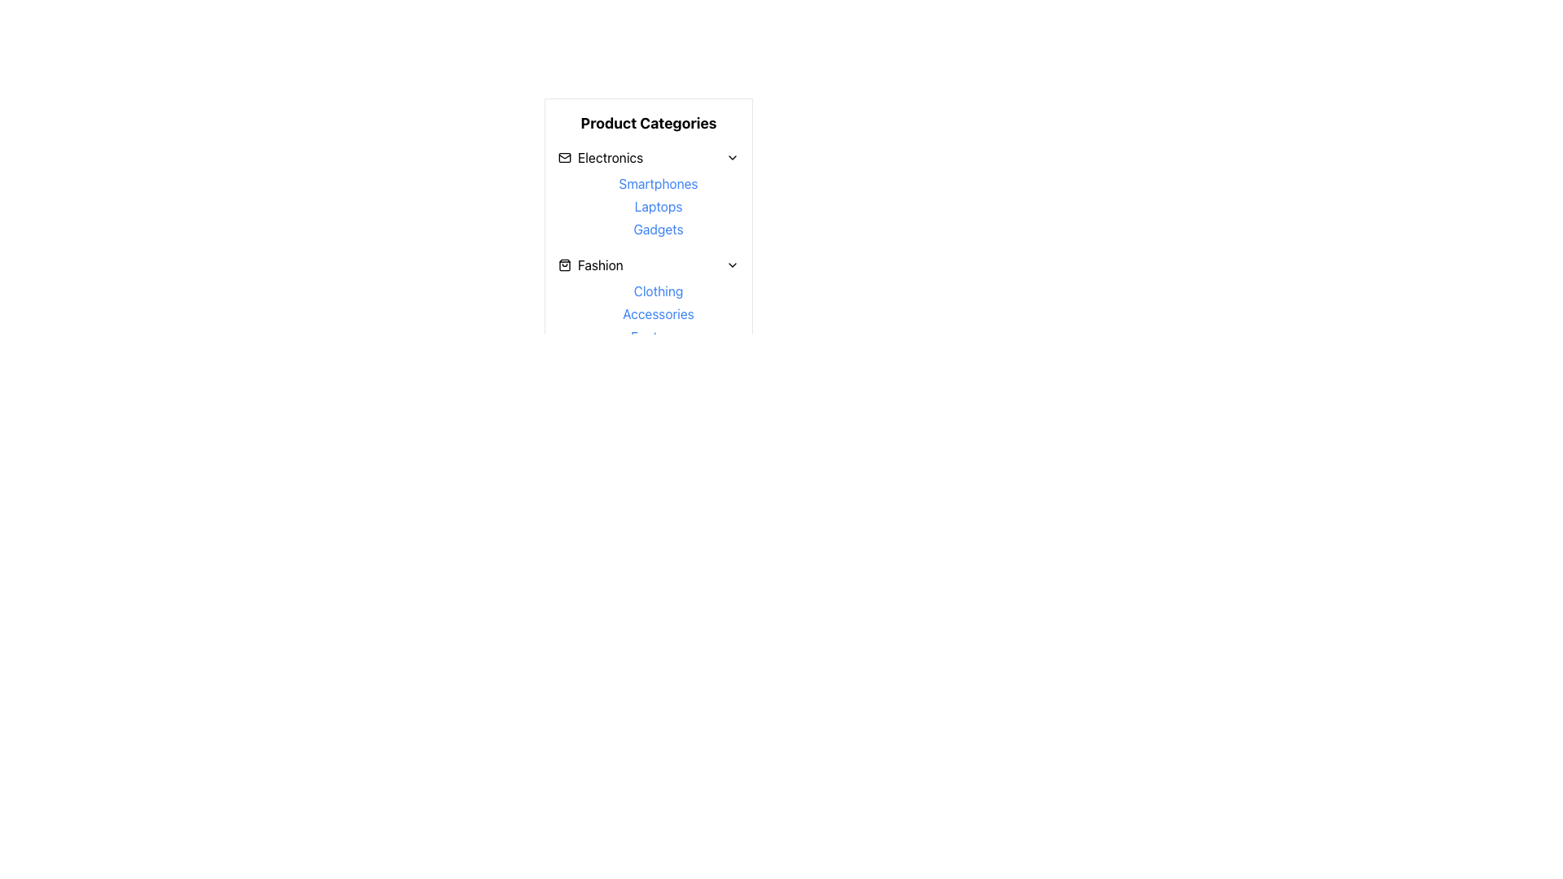 This screenshot has height=879, width=1563. I want to click on the 'Accessories' hyperlink in the Fashion category submenu, so click(659, 313).